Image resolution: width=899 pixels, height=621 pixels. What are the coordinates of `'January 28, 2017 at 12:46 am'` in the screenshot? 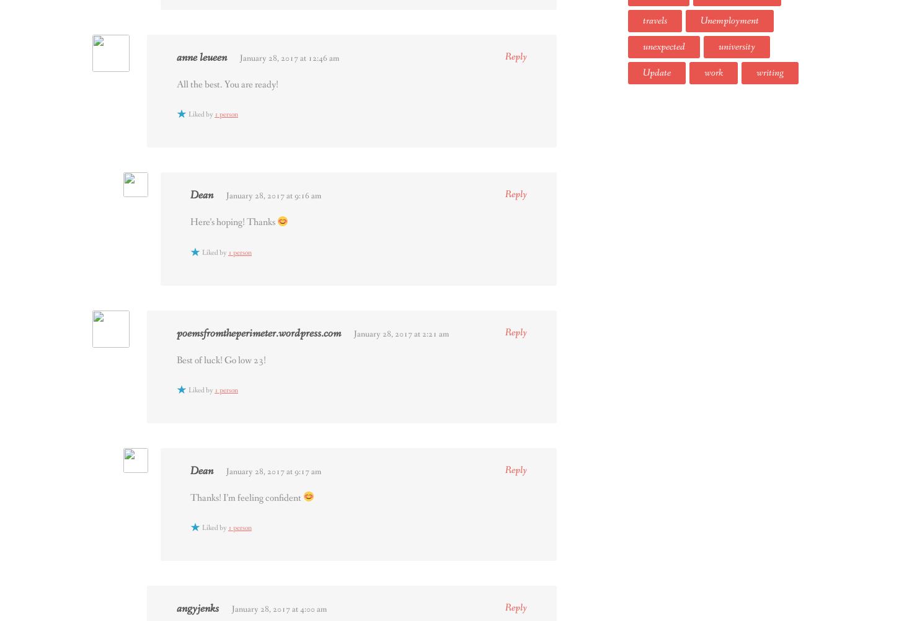 It's located at (289, 57).